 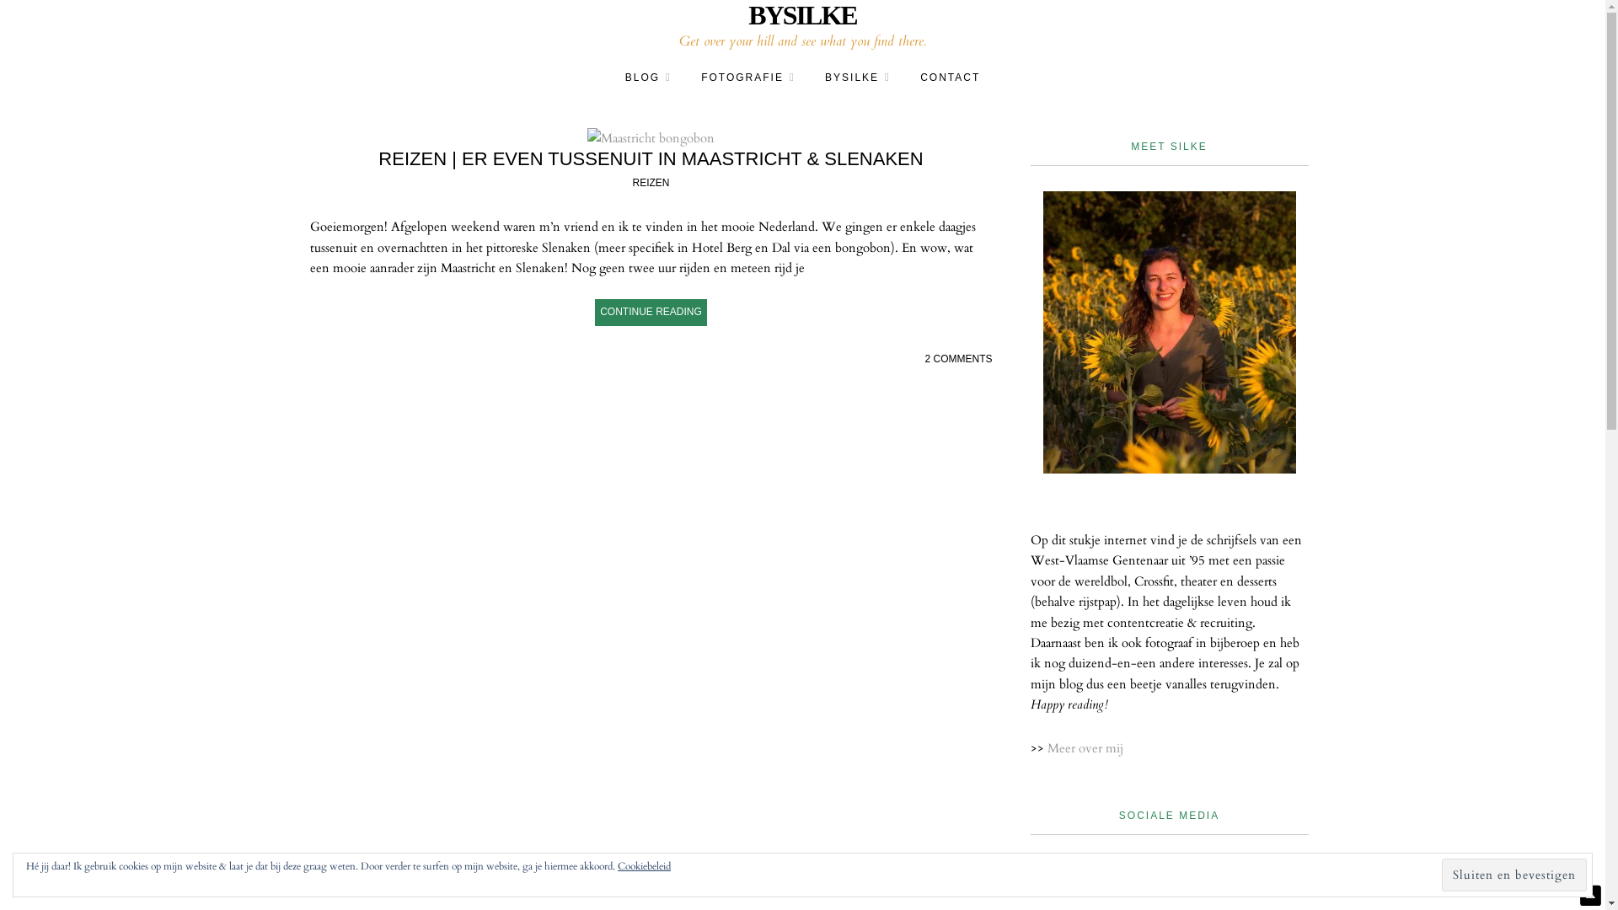 I want to click on 'Meer over mij', so click(x=1046, y=747).